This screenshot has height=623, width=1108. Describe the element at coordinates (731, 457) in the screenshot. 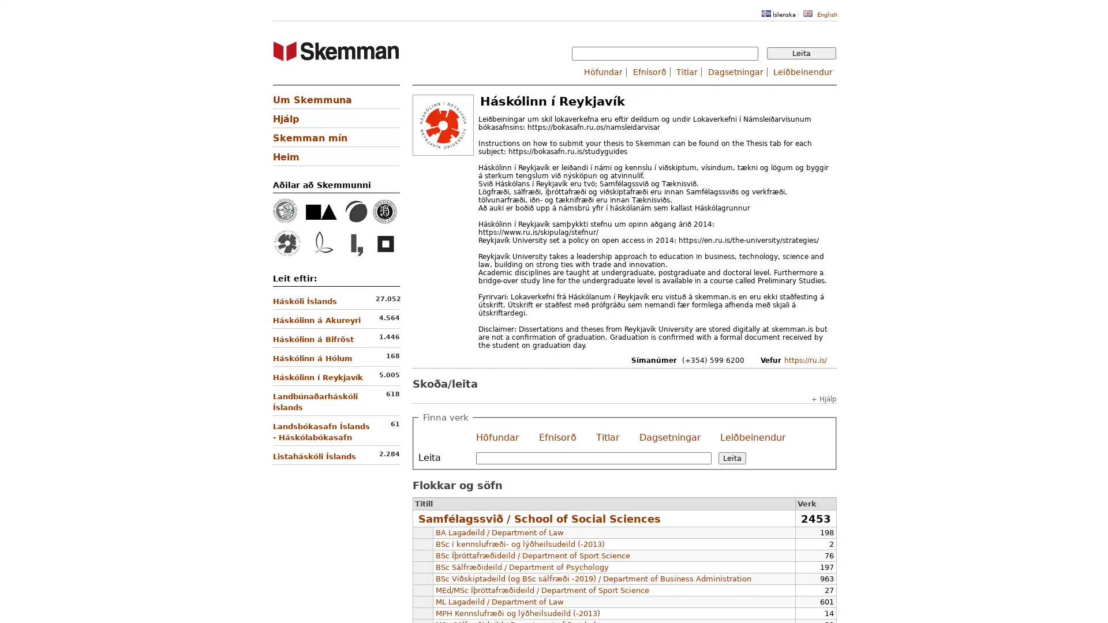

I see `Leita` at that location.